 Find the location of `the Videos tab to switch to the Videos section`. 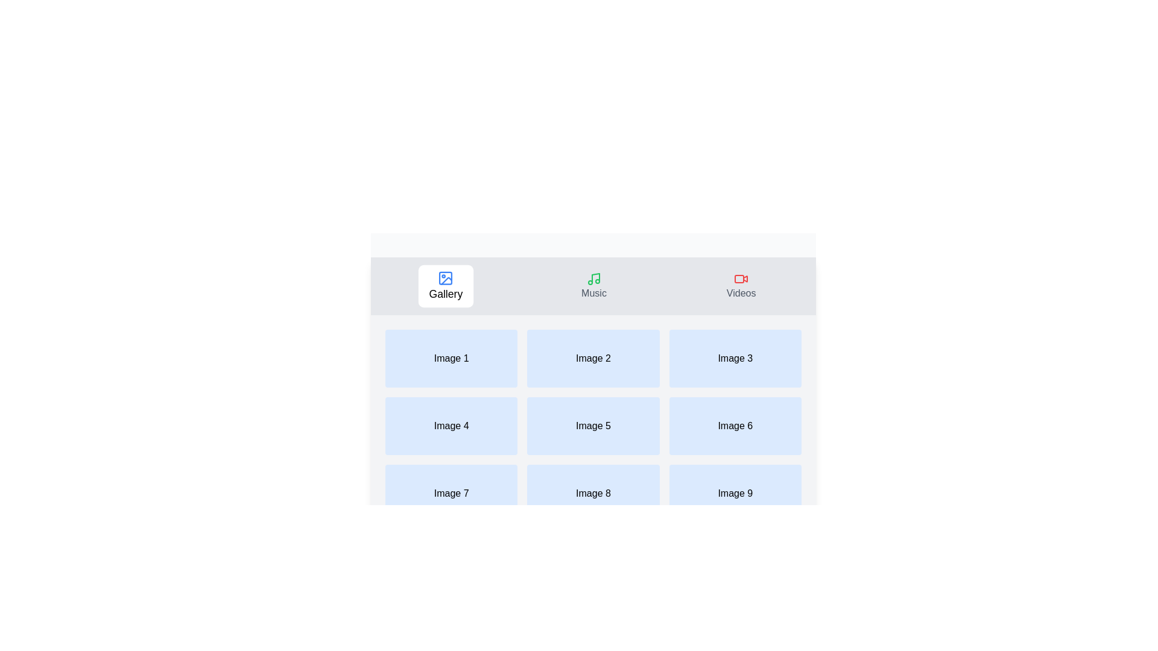

the Videos tab to switch to the Videos section is located at coordinates (740, 286).